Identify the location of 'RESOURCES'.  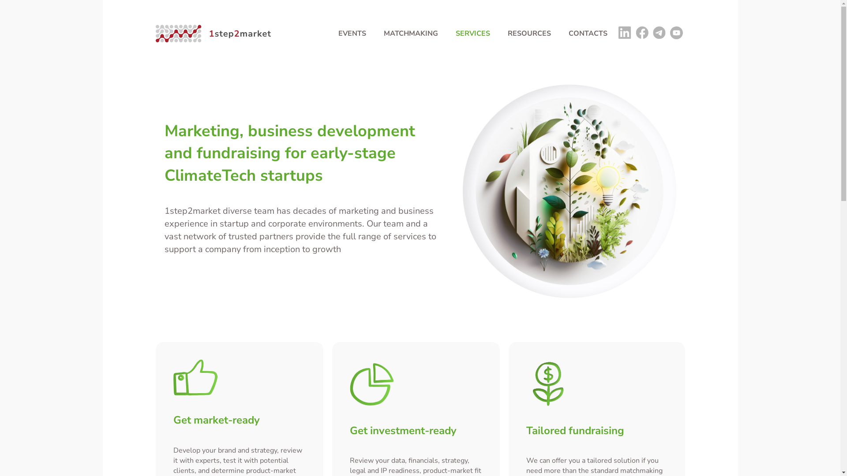
(529, 33).